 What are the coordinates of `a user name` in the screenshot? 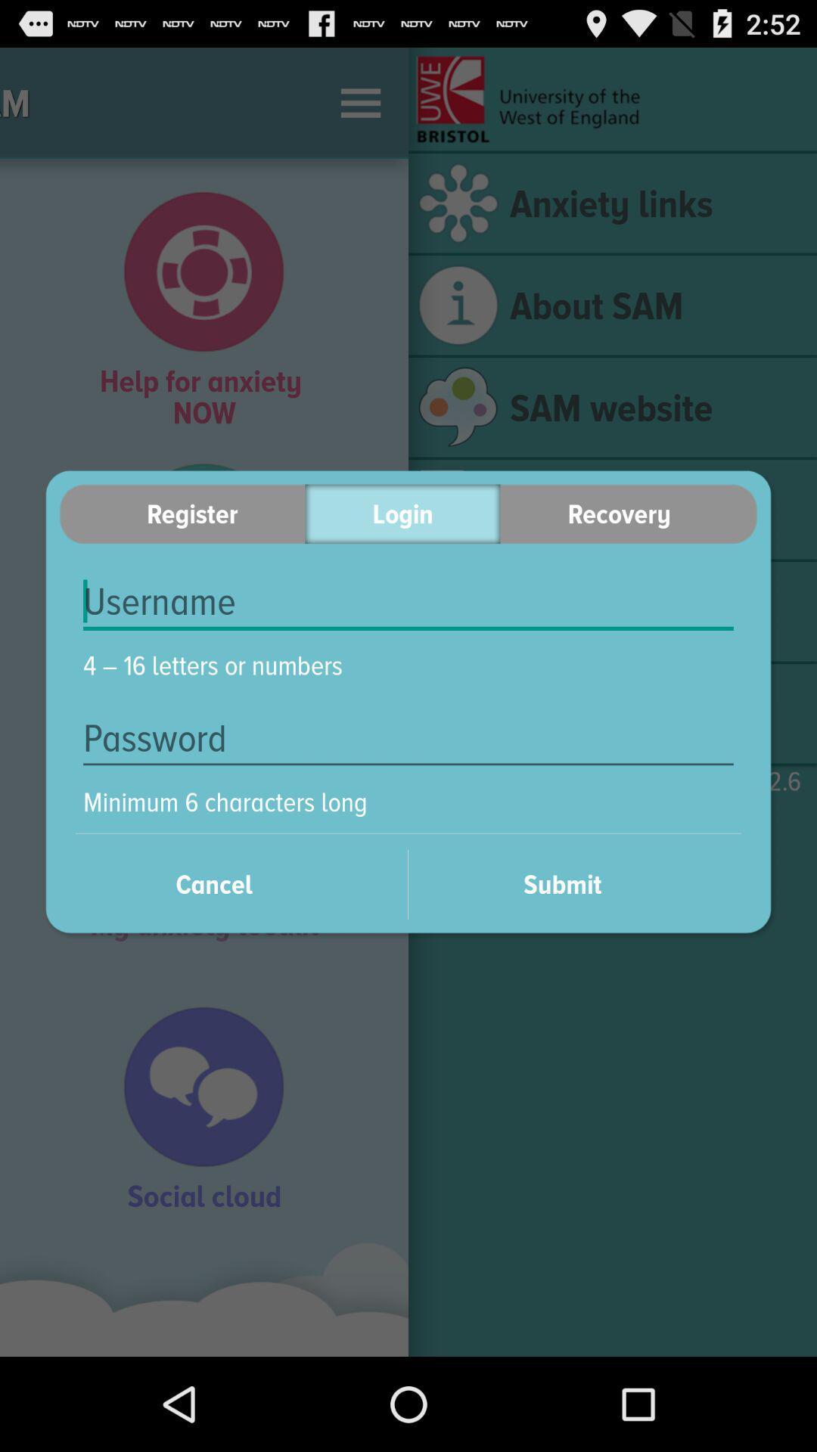 It's located at (408, 601).